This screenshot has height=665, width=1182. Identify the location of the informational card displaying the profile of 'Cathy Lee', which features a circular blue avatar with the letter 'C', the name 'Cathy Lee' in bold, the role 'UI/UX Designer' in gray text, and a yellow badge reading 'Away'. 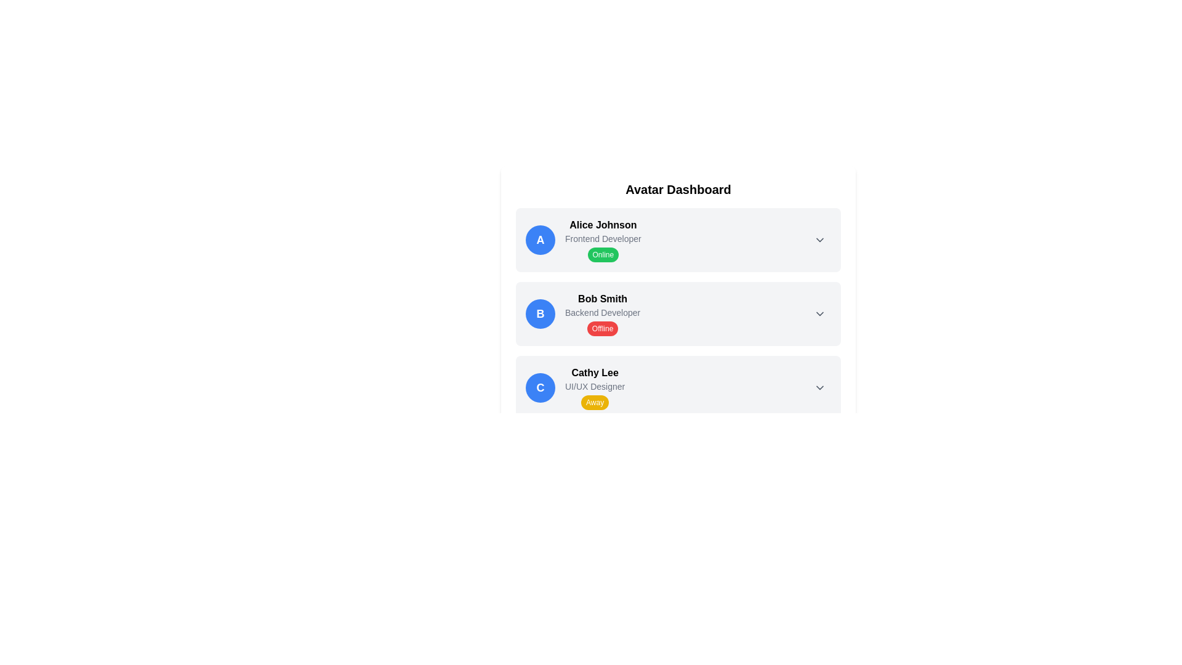
(574, 387).